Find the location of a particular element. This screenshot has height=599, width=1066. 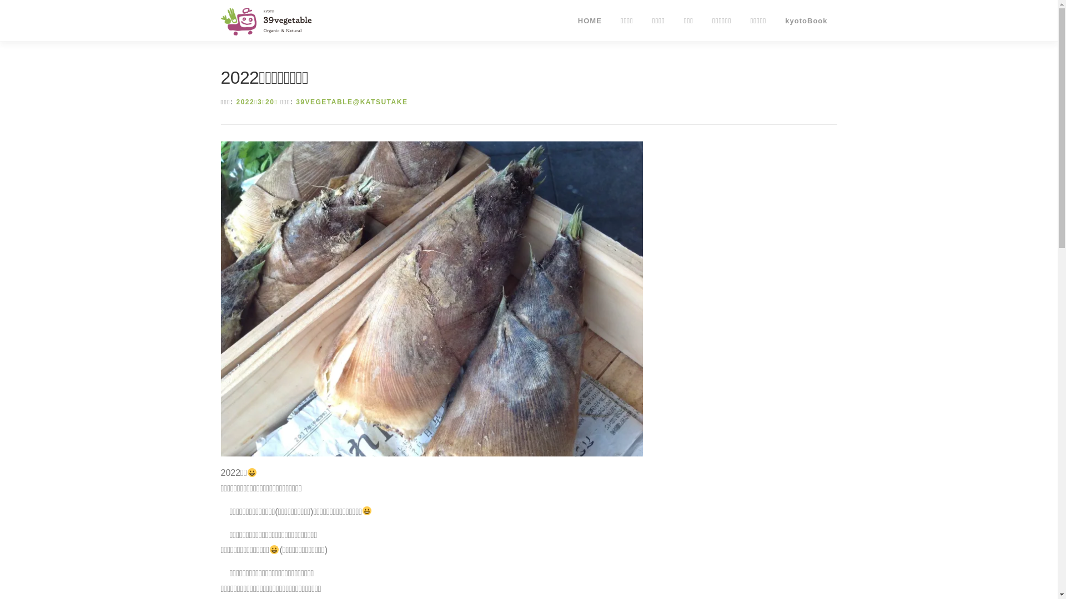

'39VEGETABLE@KATSUTAKE' is located at coordinates (351, 102).